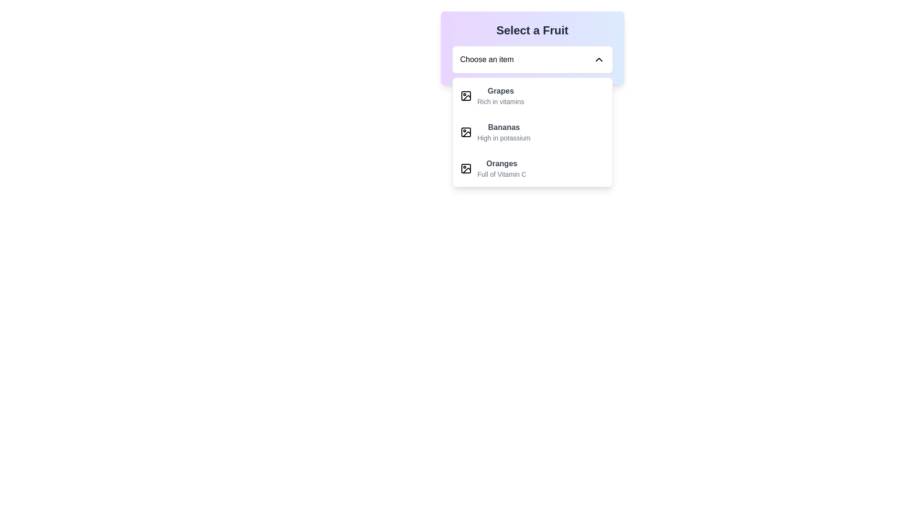 The height and width of the screenshot is (516, 918). What do you see at coordinates (469, 132) in the screenshot?
I see `the small icon resembling an image placeholder, which is located to the left of the text labeled 'Bananas' and 'High in potassium'` at bounding box center [469, 132].